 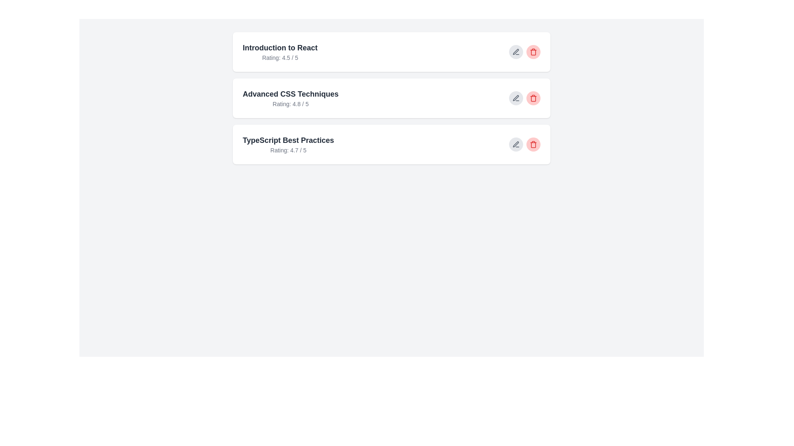 What do you see at coordinates (533, 52) in the screenshot?
I see `the red circular button with a trash bin icon` at bounding box center [533, 52].